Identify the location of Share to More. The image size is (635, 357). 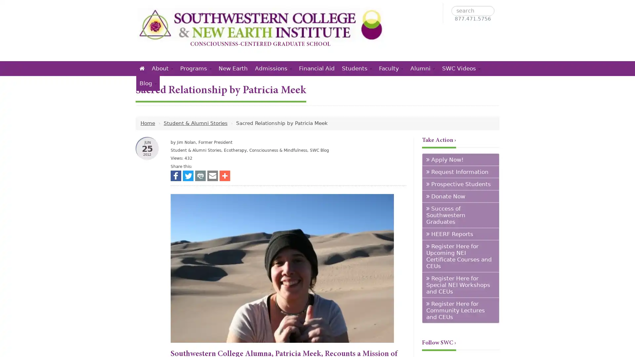
(225, 175).